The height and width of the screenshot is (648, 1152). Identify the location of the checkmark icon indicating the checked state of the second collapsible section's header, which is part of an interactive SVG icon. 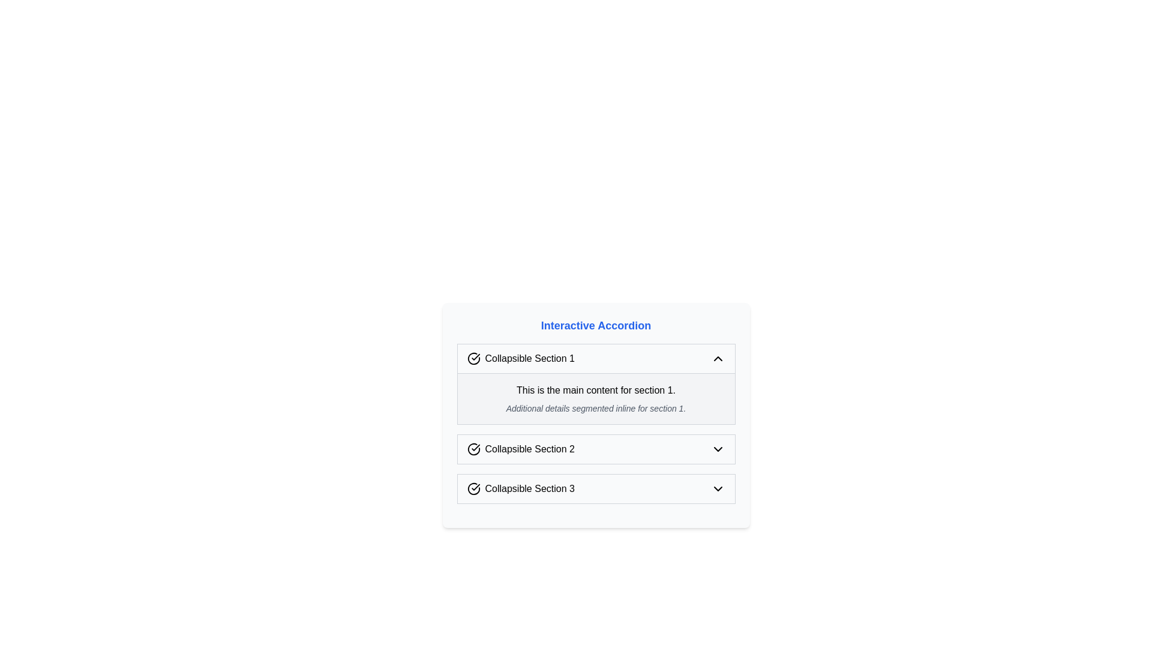
(475, 448).